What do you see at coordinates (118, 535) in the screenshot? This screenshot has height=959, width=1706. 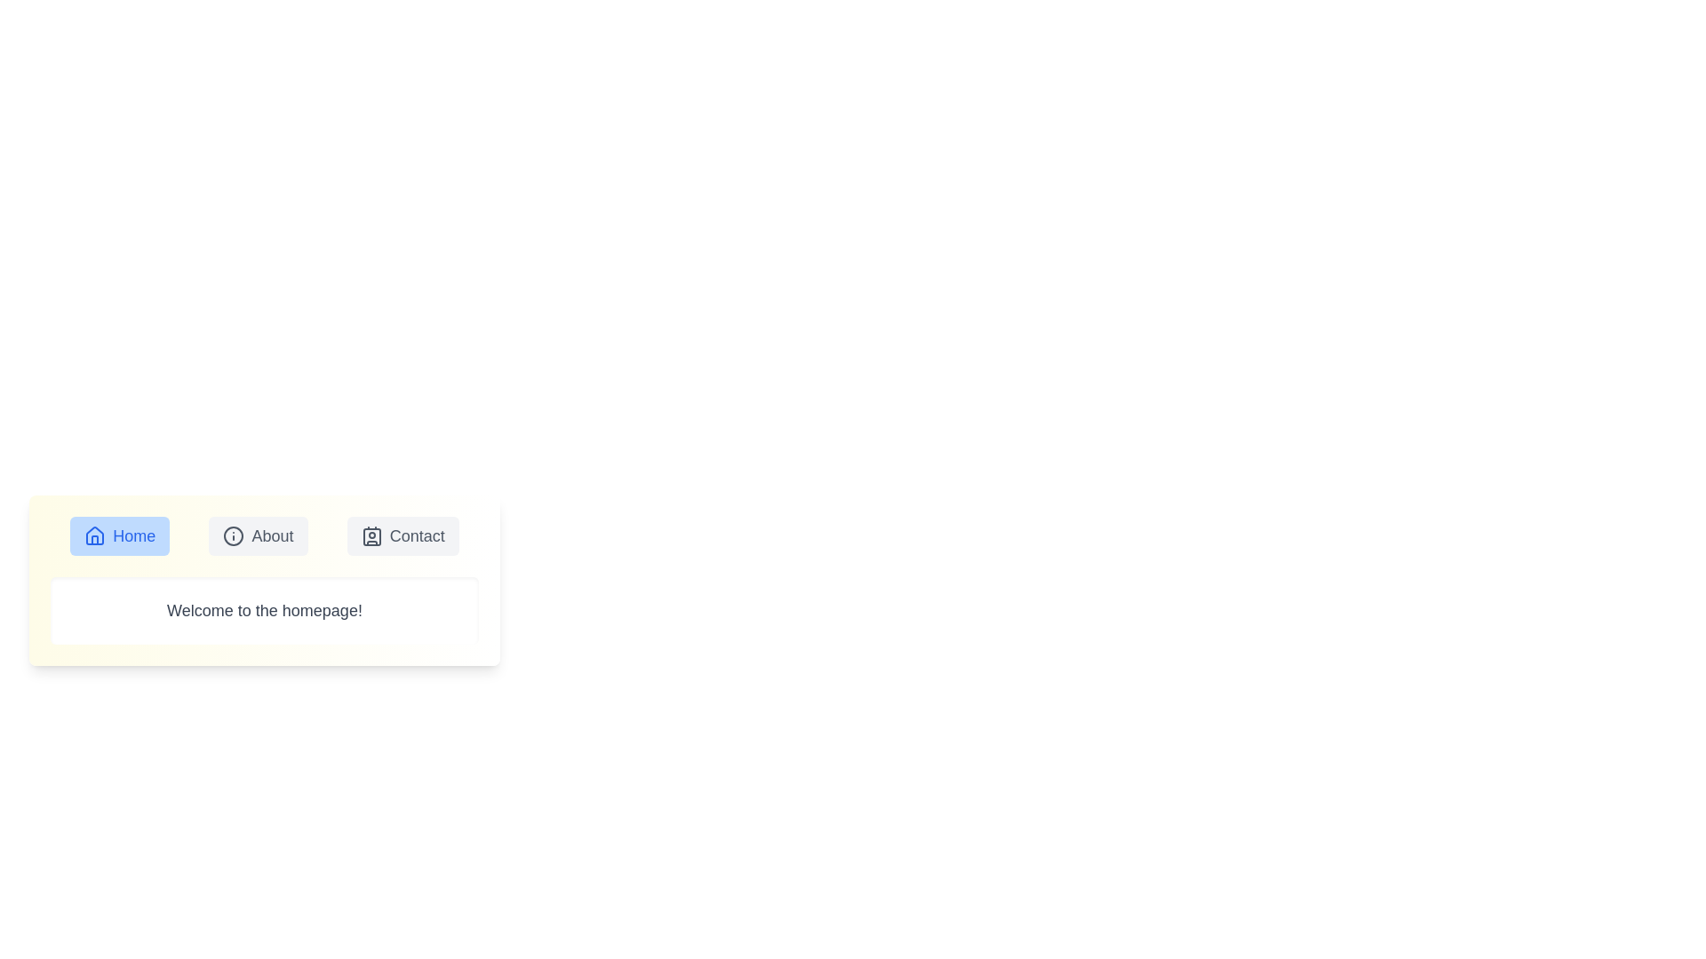 I see `the Home tab by clicking on its button` at bounding box center [118, 535].